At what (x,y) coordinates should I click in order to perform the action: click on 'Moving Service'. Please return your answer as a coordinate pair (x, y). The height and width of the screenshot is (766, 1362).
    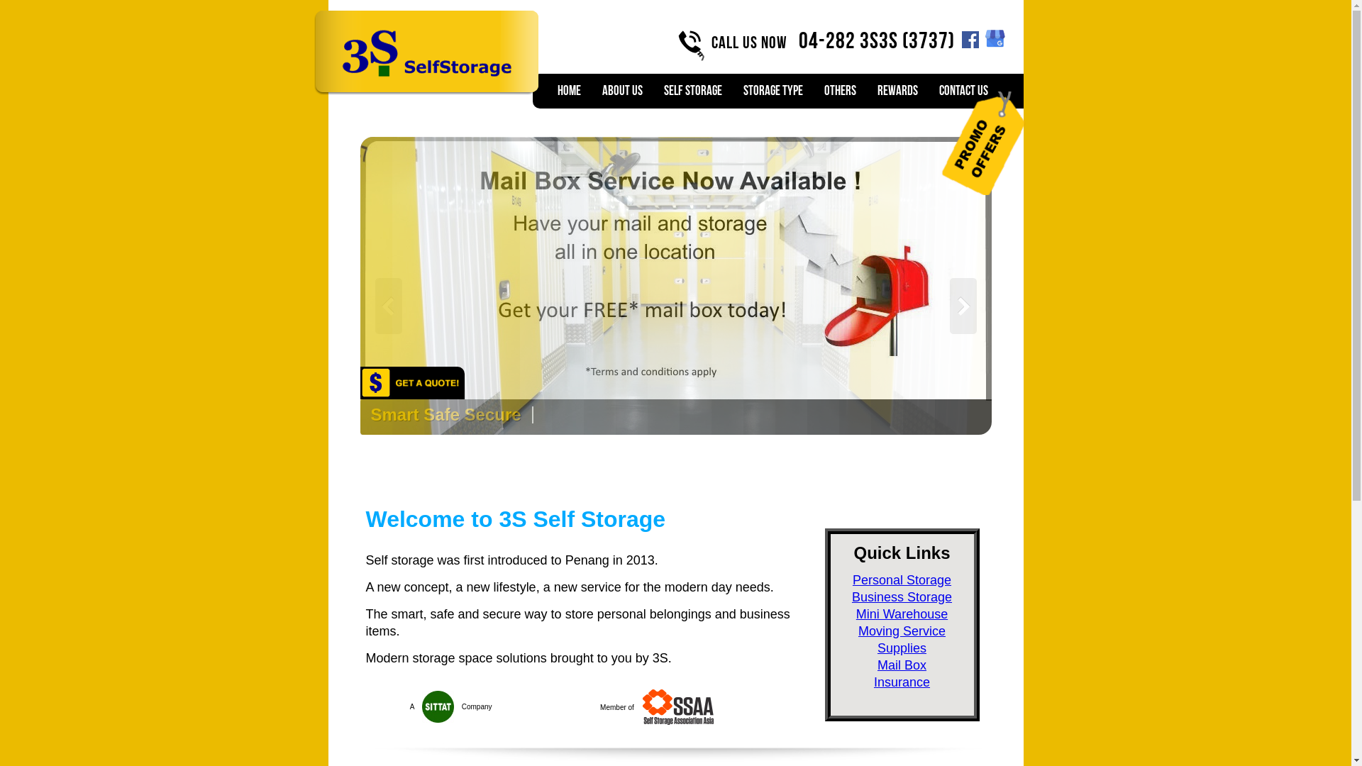
    Looking at the image, I should click on (901, 631).